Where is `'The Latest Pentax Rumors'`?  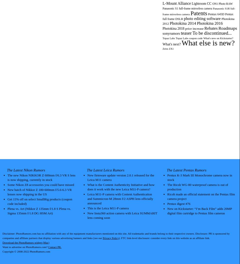 'The Latest Pentax Rumors' is located at coordinates (166, 170).